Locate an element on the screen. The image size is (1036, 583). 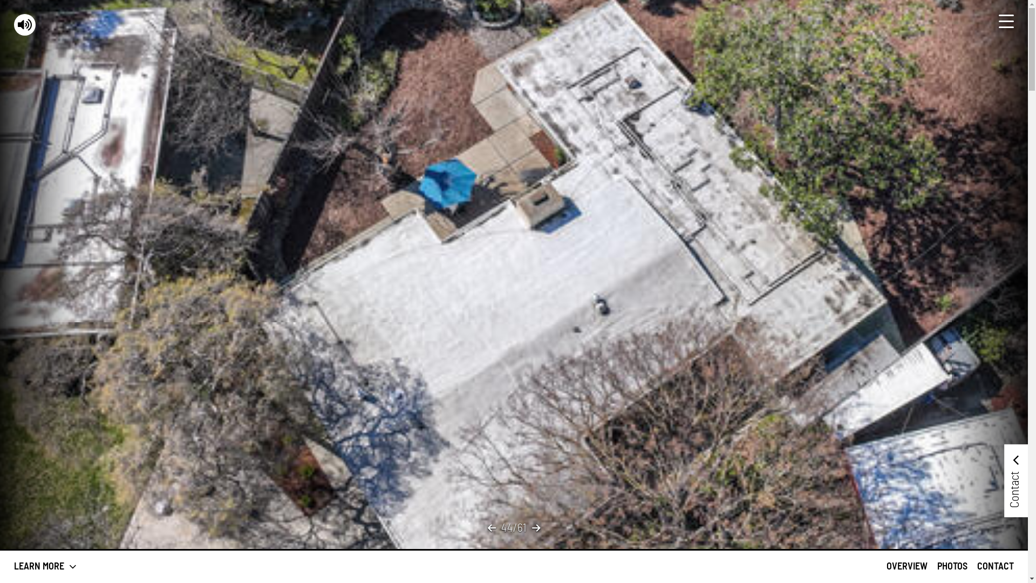
'CONTACT' is located at coordinates (994, 566).